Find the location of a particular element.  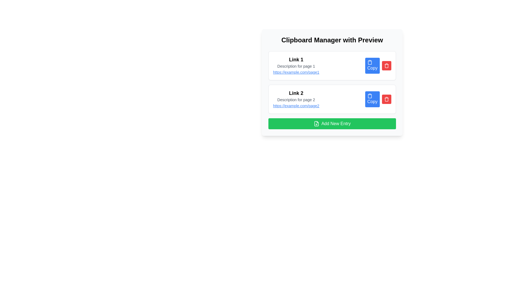

the delete icon button located on the right side of the second entry in the list of links is located at coordinates (386, 65).